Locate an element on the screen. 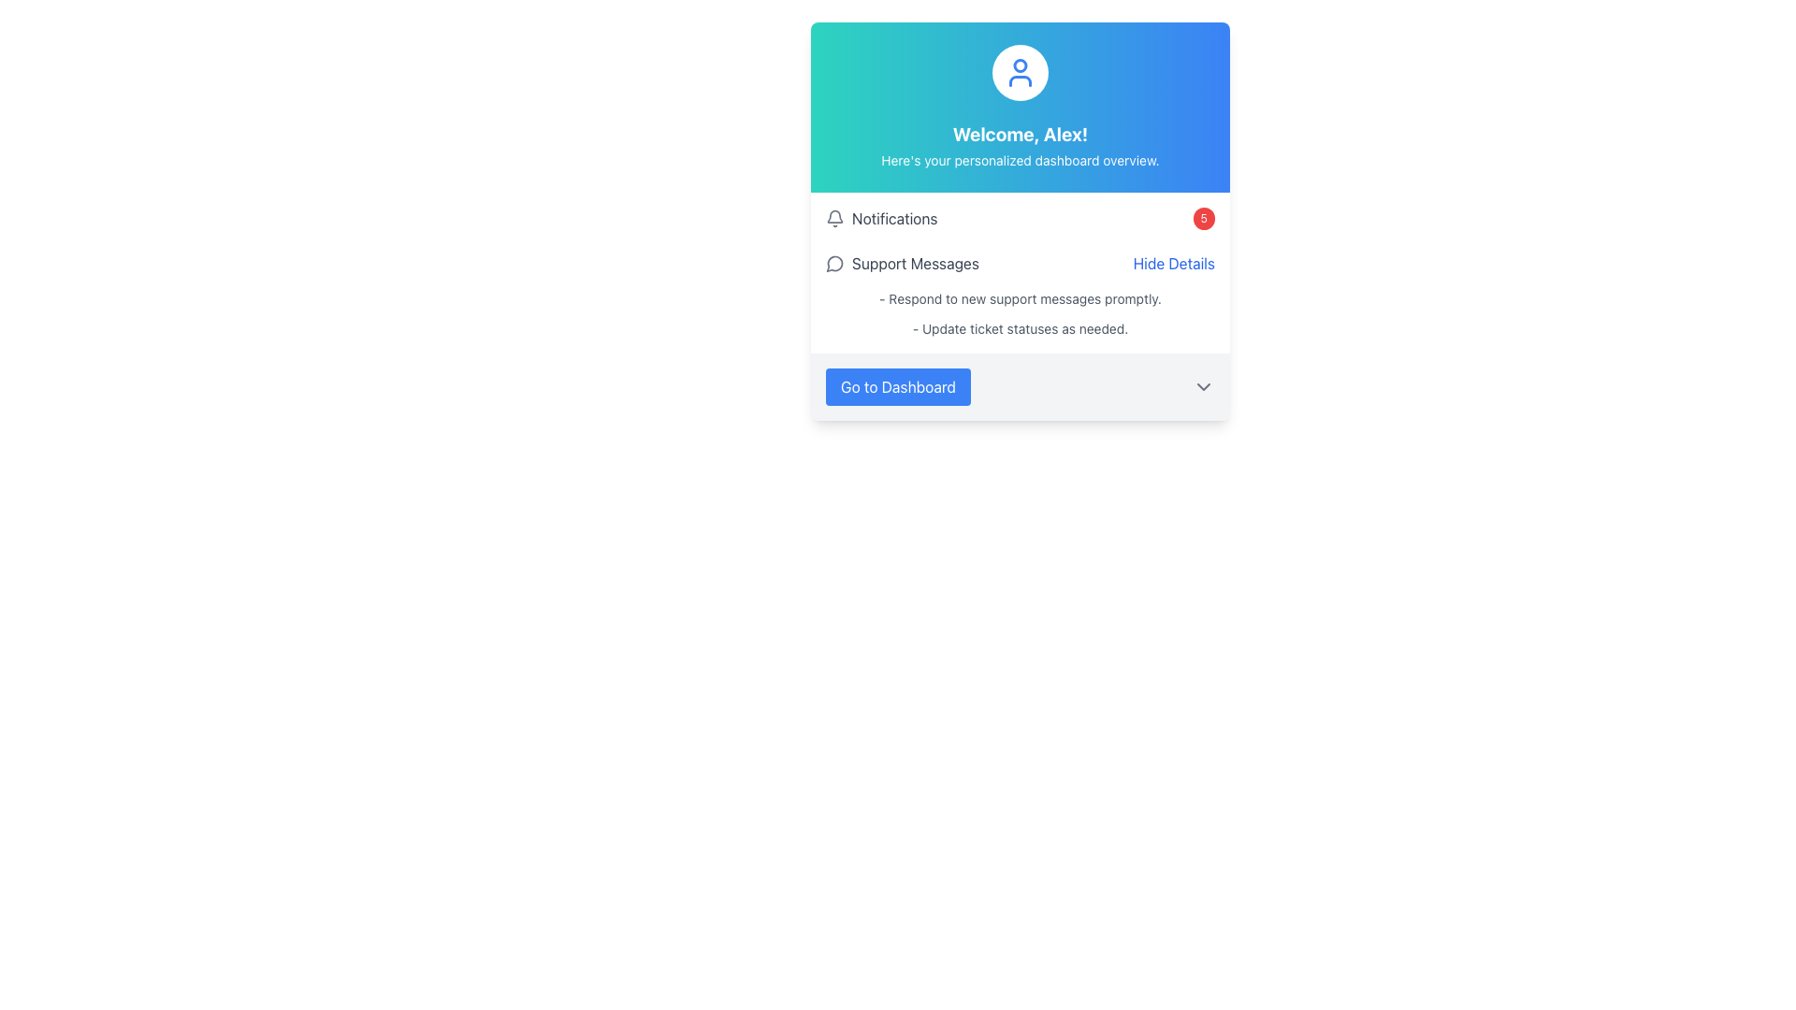 The image size is (1796, 1010). the Indicator badge located in the top-right corner of the 'Notifications' section to associate the count visually with notifications is located at coordinates (1203, 218).